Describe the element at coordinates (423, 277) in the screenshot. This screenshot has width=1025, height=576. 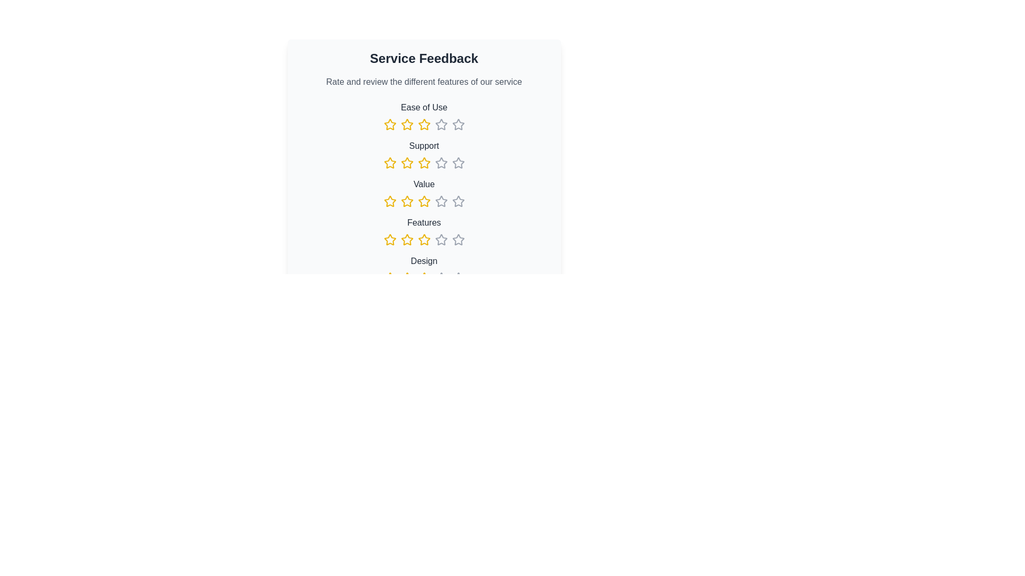
I see `the fifth yellow star icon for the 'Design' rating` at that location.